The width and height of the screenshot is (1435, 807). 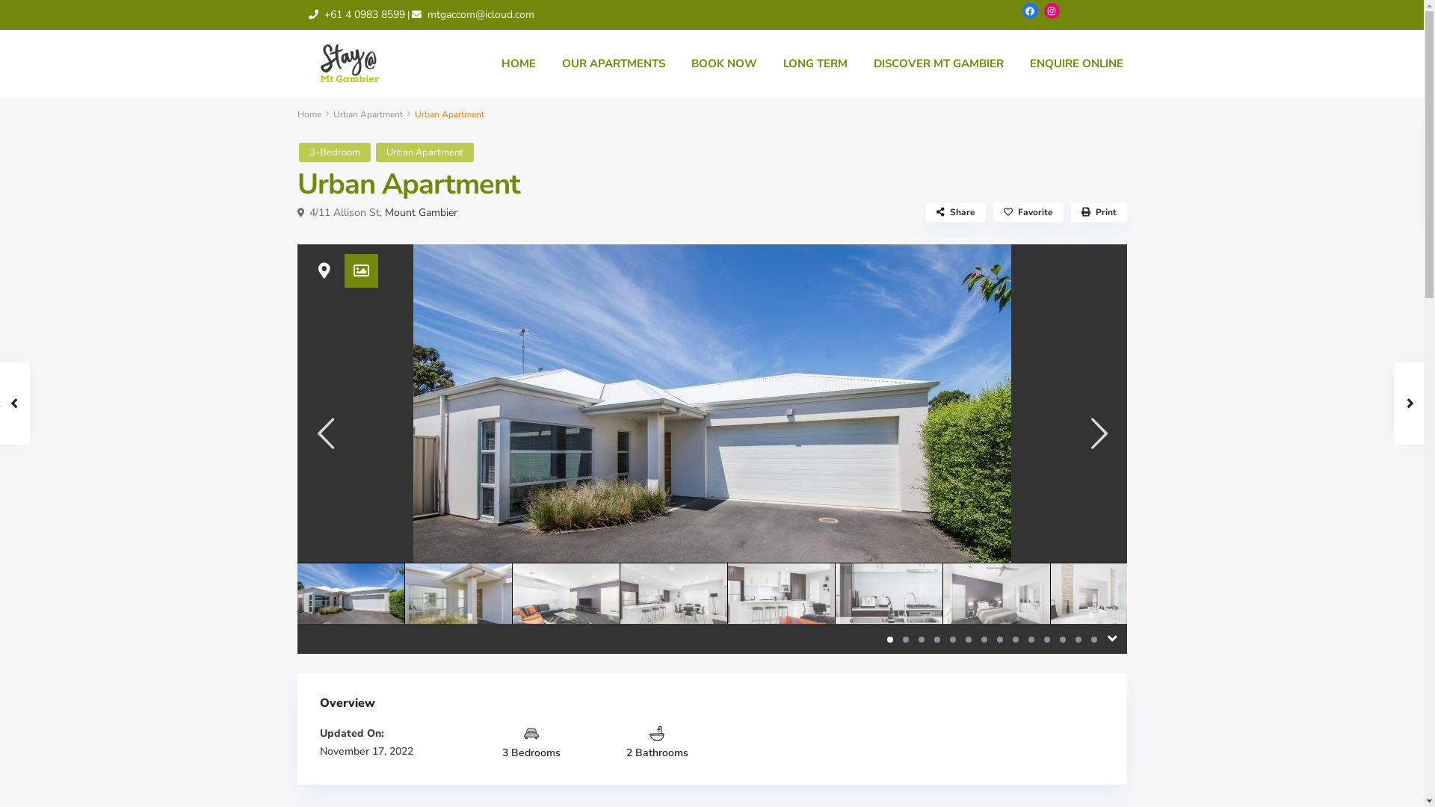 I want to click on 'LONG TERM', so click(x=813, y=62).